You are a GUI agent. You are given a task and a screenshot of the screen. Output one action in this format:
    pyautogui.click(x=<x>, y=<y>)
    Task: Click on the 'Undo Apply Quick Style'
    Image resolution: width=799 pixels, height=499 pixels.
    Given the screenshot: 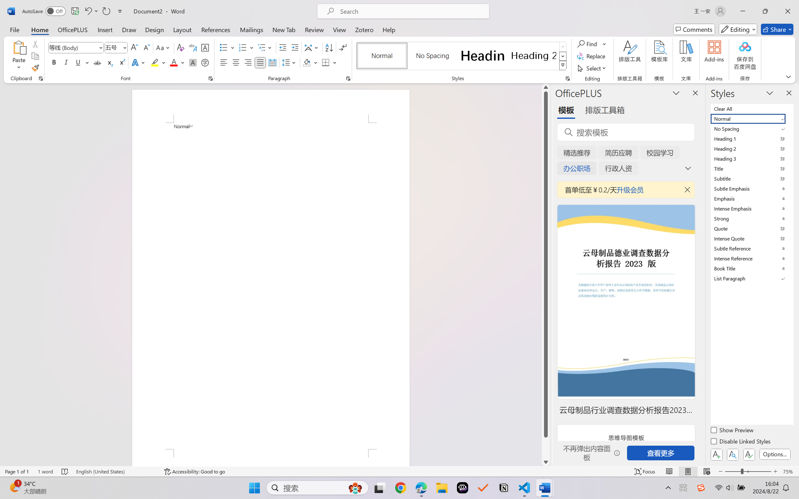 What is the action you would take?
    pyautogui.click(x=87, y=11)
    